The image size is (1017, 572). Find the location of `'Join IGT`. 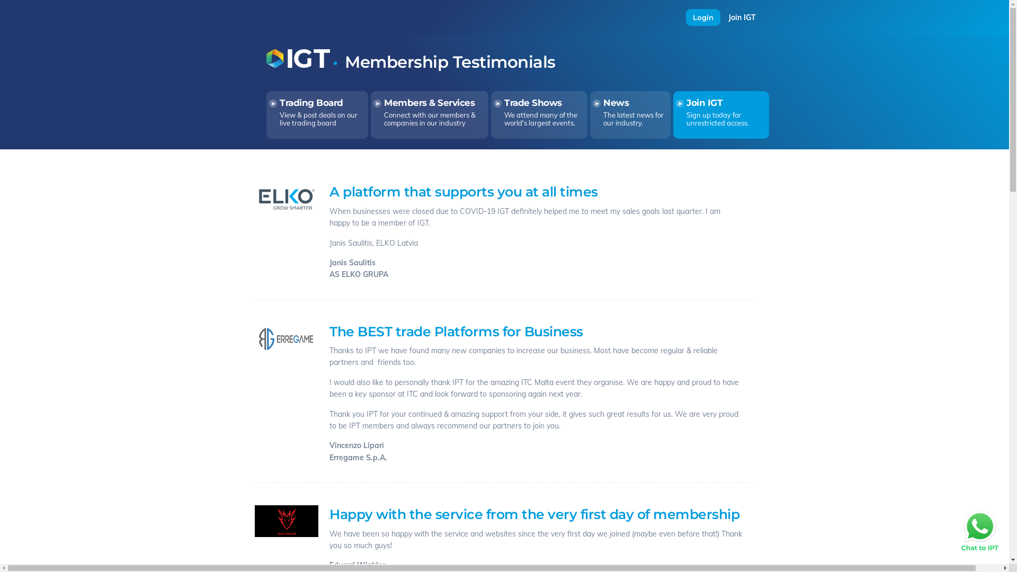

'Join IGT is located at coordinates (720, 114).